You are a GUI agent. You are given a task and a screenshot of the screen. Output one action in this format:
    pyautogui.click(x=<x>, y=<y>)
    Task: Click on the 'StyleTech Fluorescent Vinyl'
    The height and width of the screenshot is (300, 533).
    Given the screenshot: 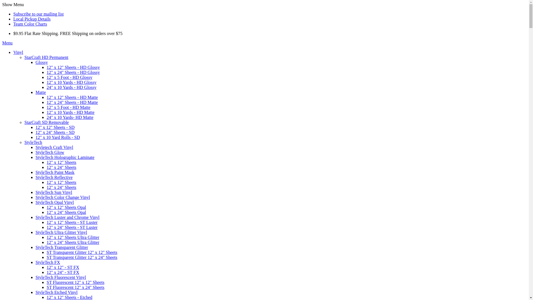 What is the action you would take?
    pyautogui.click(x=61, y=277)
    